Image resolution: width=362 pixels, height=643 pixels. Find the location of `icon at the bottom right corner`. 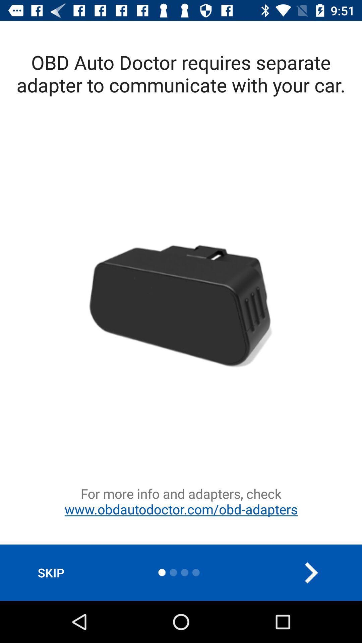

icon at the bottom right corner is located at coordinates (311, 572).